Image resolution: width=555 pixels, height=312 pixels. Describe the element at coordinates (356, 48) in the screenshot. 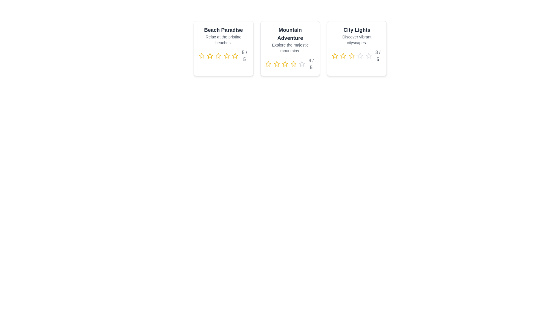

I see `the card titled 'City Lights' to observe its hover effect` at that location.